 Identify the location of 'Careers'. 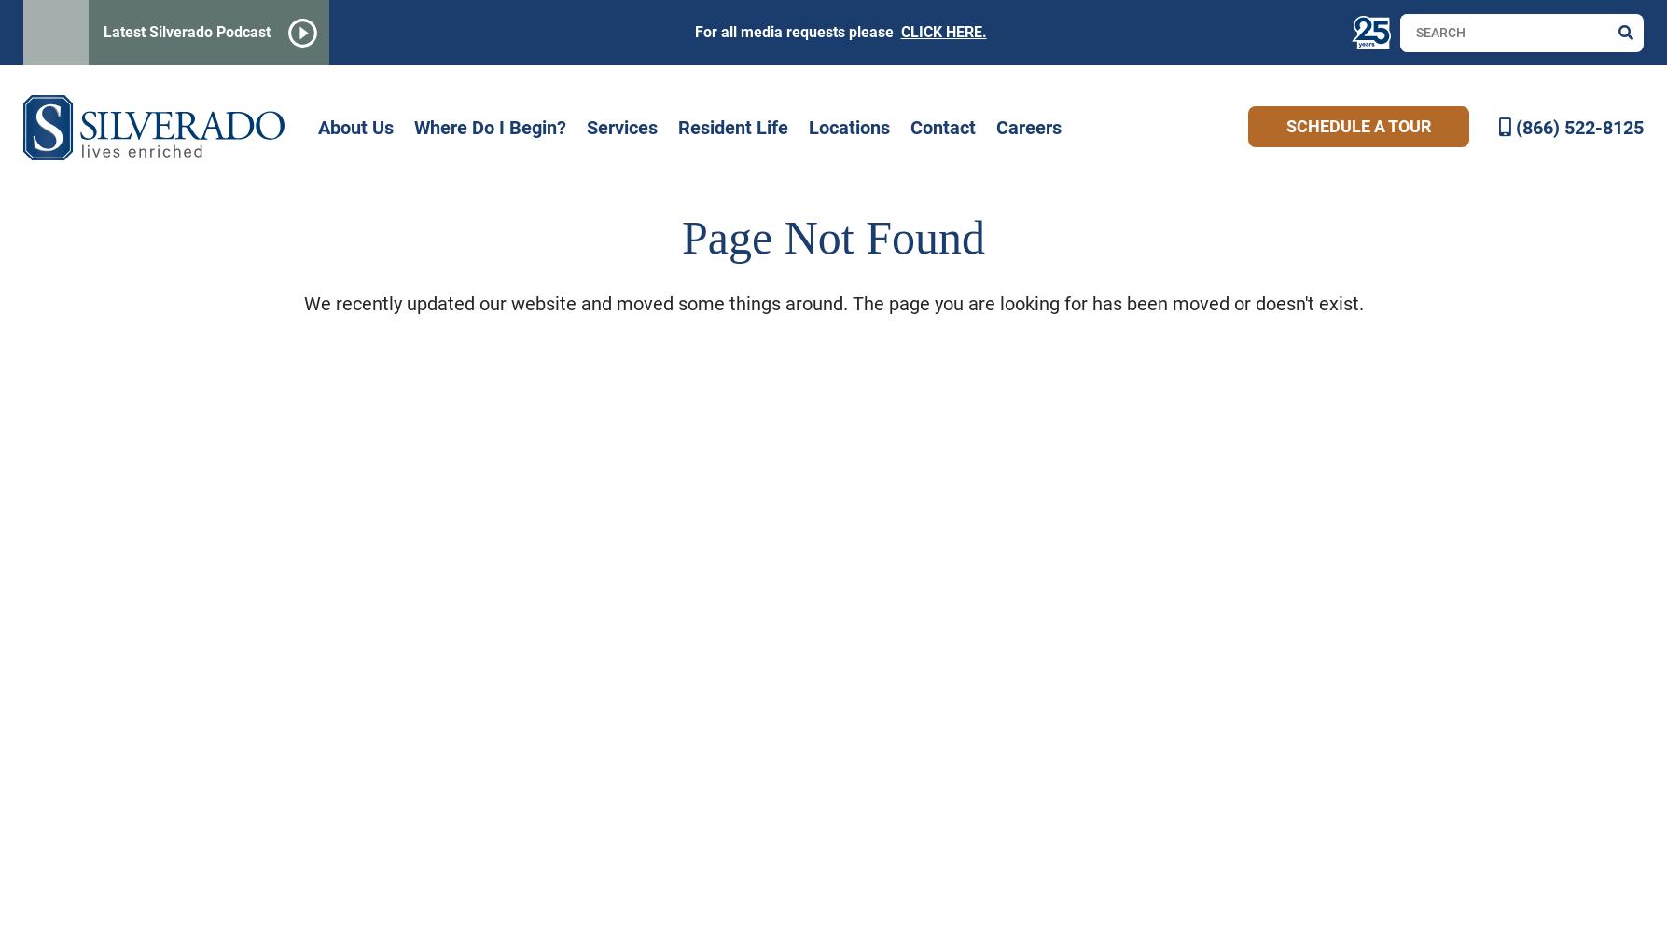
(1028, 127).